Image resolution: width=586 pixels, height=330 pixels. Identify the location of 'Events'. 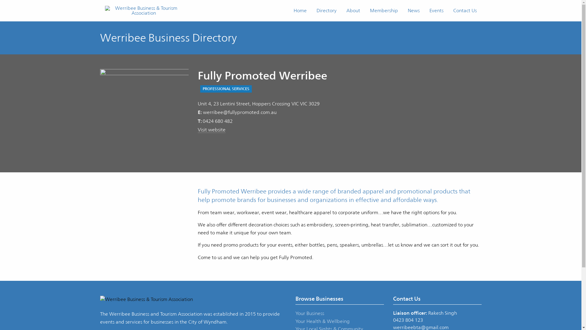
(436, 10).